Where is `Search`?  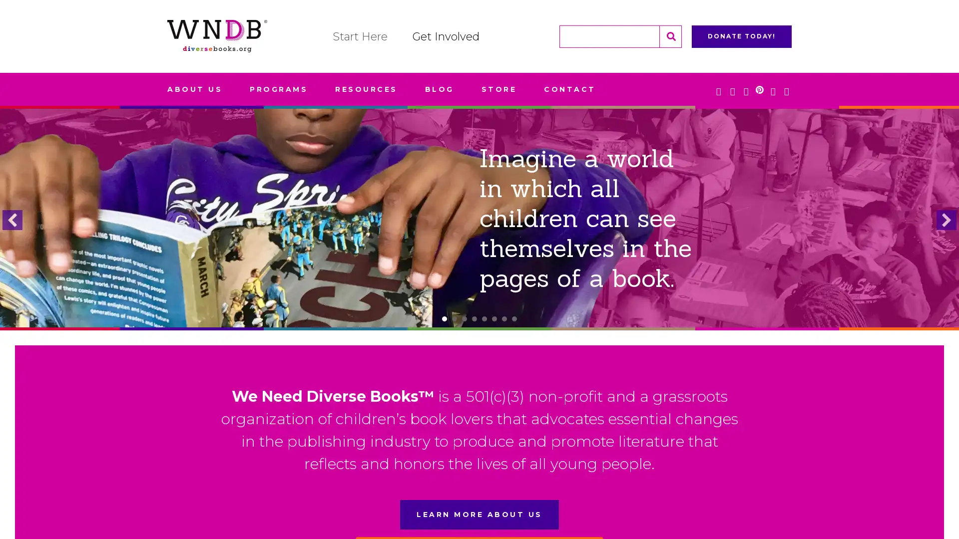
Search is located at coordinates (670, 35).